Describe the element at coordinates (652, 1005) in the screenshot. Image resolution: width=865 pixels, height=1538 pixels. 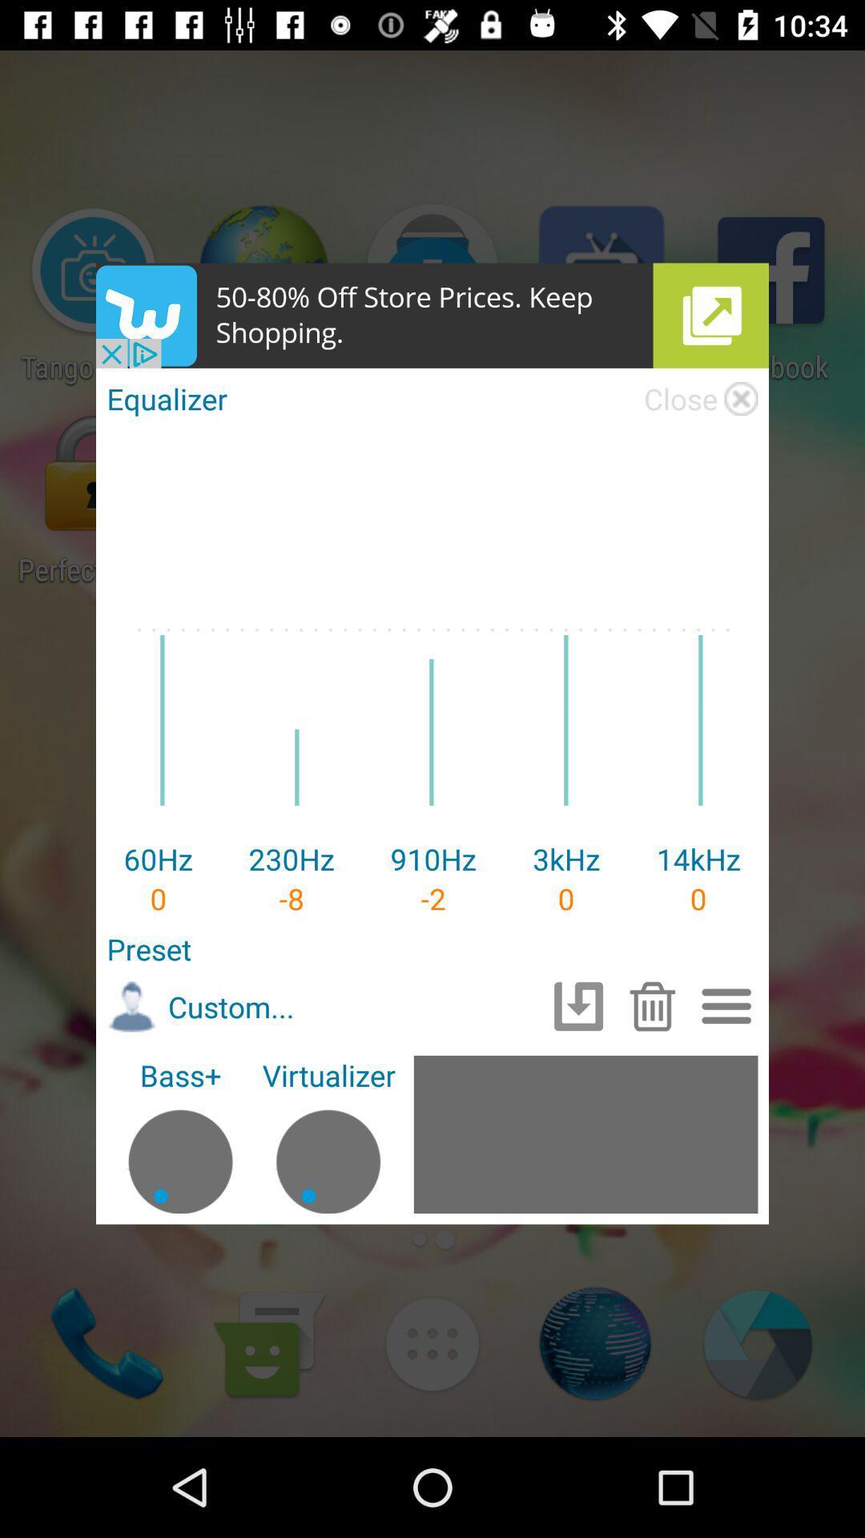
I see `the delete icon` at that location.